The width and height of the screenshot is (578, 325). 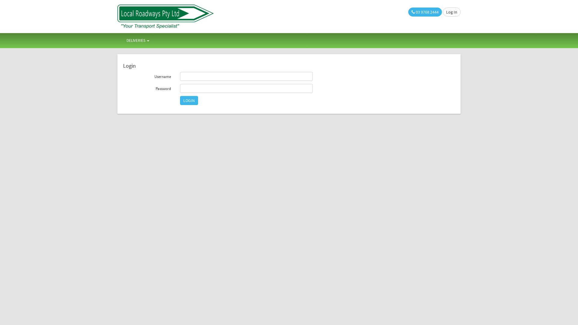 What do you see at coordinates (189, 100) in the screenshot?
I see `'LOGIN'` at bounding box center [189, 100].